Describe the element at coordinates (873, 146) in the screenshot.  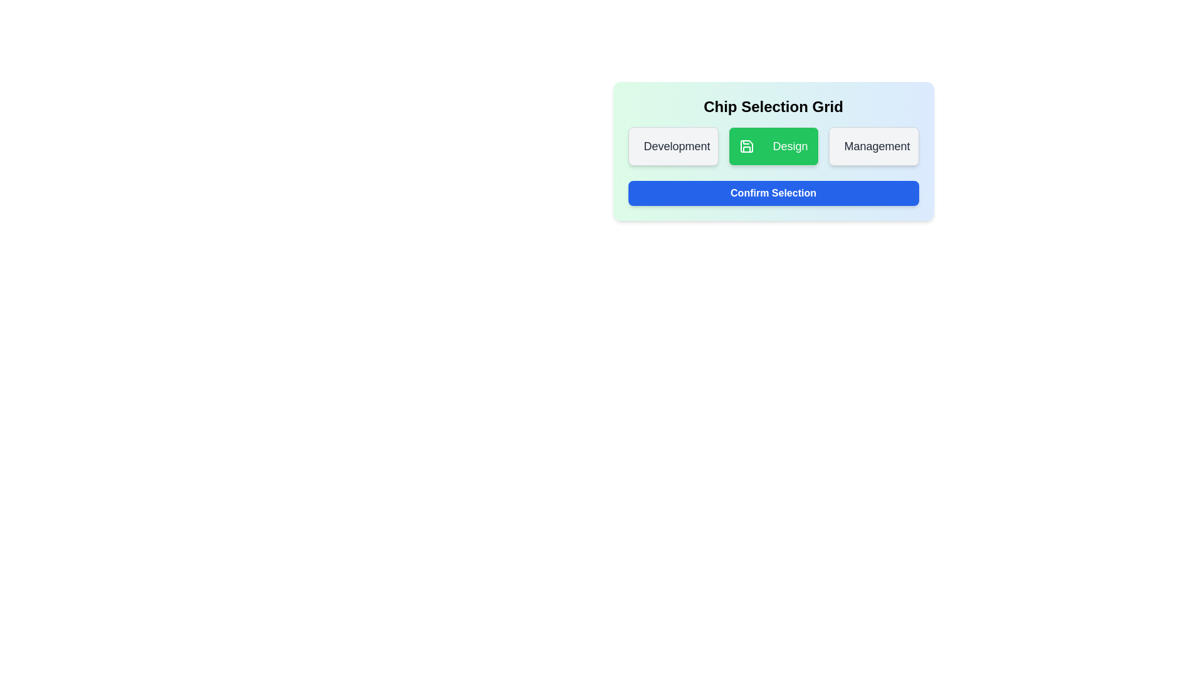
I see `the chip labeled Management` at that location.